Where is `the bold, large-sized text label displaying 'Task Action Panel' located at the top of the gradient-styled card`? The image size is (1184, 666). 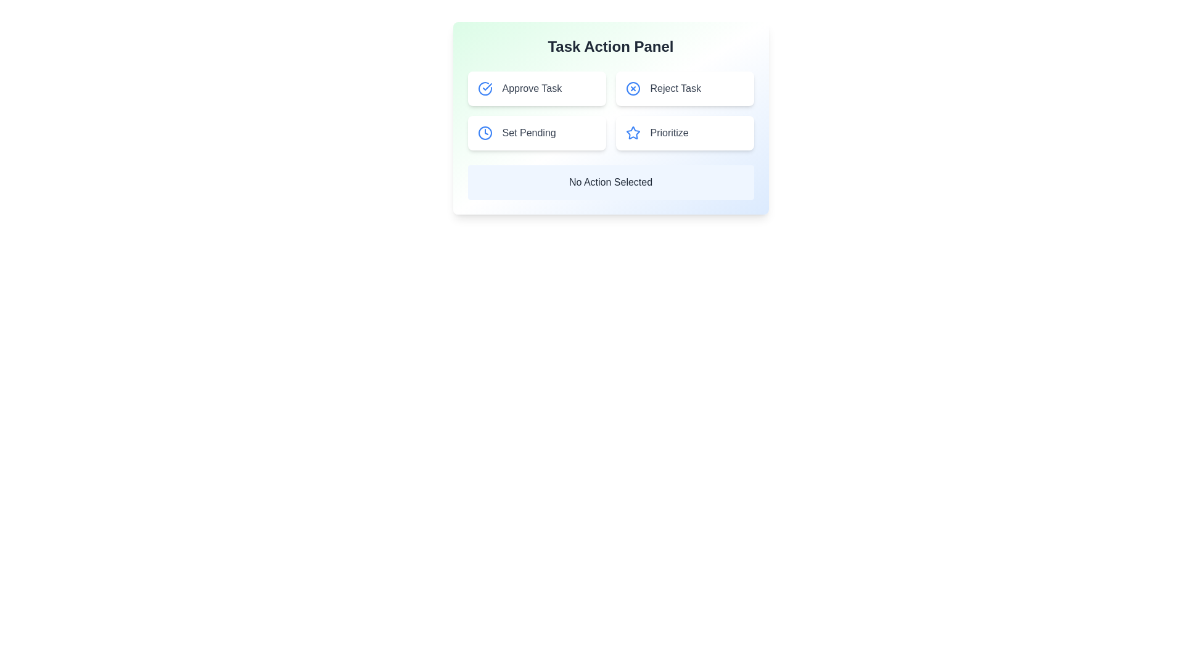 the bold, large-sized text label displaying 'Task Action Panel' located at the top of the gradient-styled card is located at coordinates (610, 46).